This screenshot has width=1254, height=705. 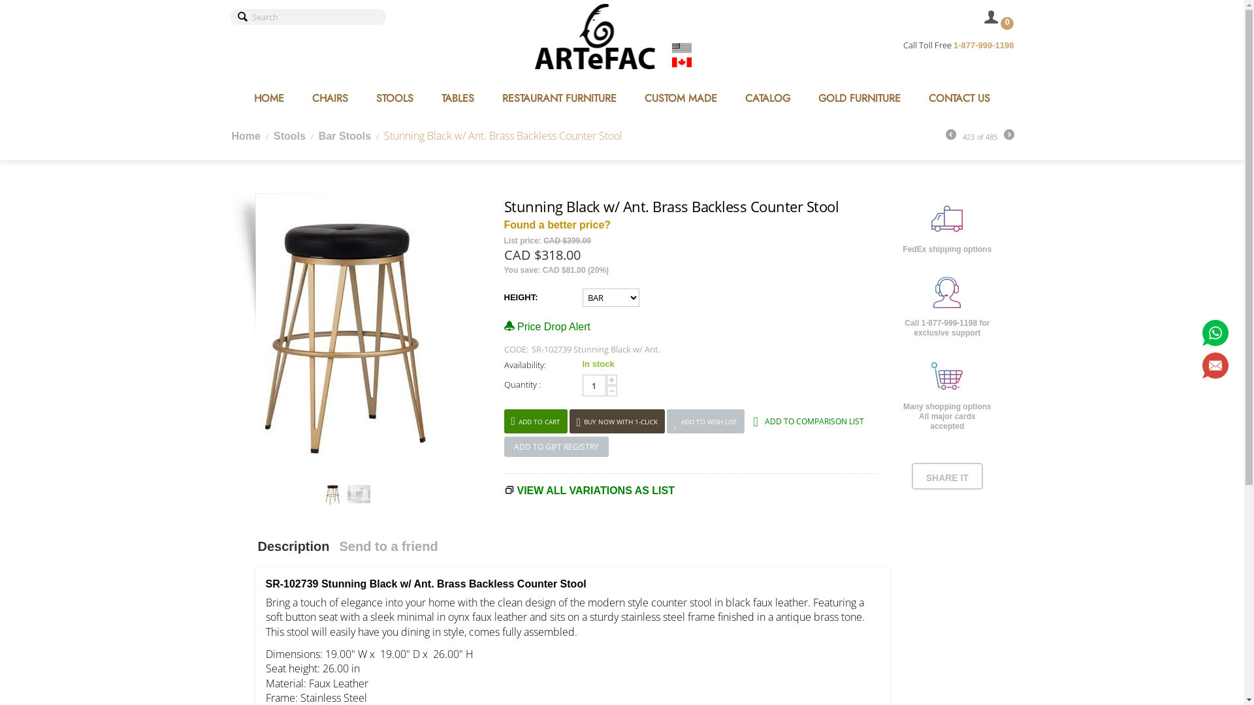 I want to click on 'CATALOG', so click(x=767, y=97).